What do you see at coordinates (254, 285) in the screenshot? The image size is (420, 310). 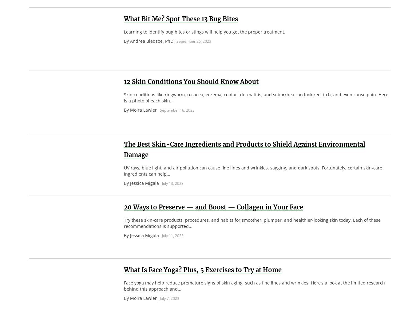 I see `'Face yoga may help reduce premature signs of skin aging, such as fine lines and wrinkles. Here’s a look at the limited research behind this approach and...'` at bounding box center [254, 285].